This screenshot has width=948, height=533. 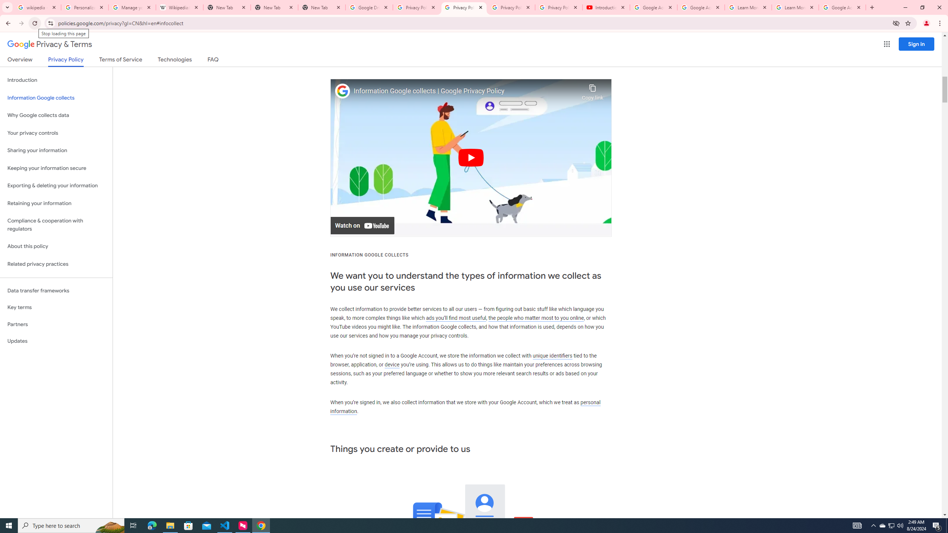 I want to click on 'Compliance & cooperation with regulators', so click(x=56, y=225).